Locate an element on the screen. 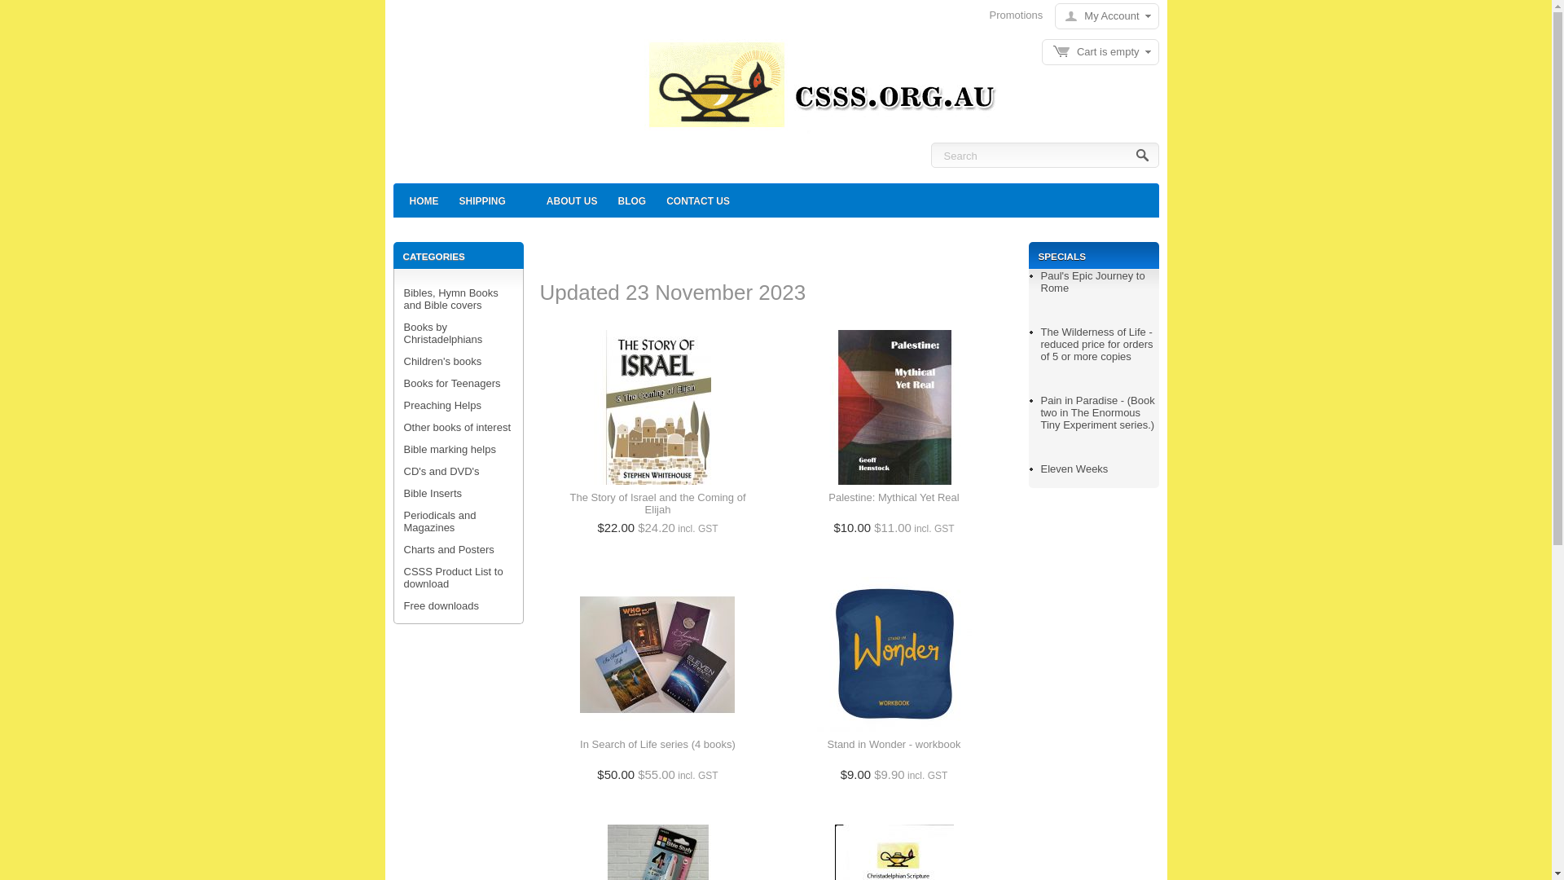 The image size is (1564, 880). 'My Account' is located at coordinates (1102, 15).